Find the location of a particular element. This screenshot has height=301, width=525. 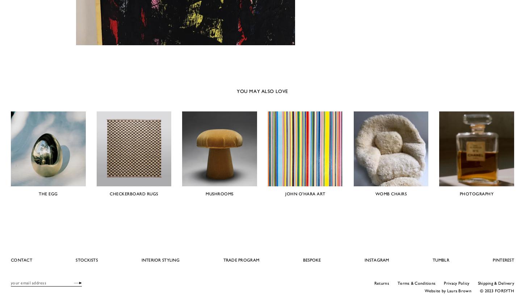

'© 2023 FORSYTH' is located at coordinates (496, 289).